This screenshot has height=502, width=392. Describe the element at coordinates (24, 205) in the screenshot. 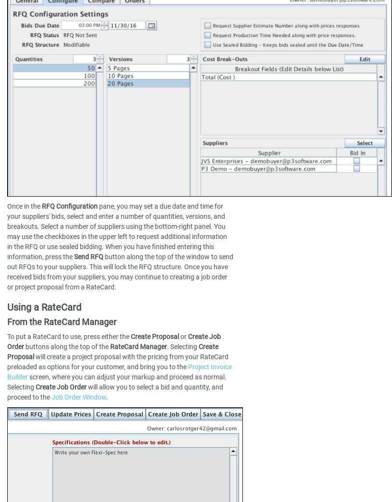

I see `'Once in the'` at that location.